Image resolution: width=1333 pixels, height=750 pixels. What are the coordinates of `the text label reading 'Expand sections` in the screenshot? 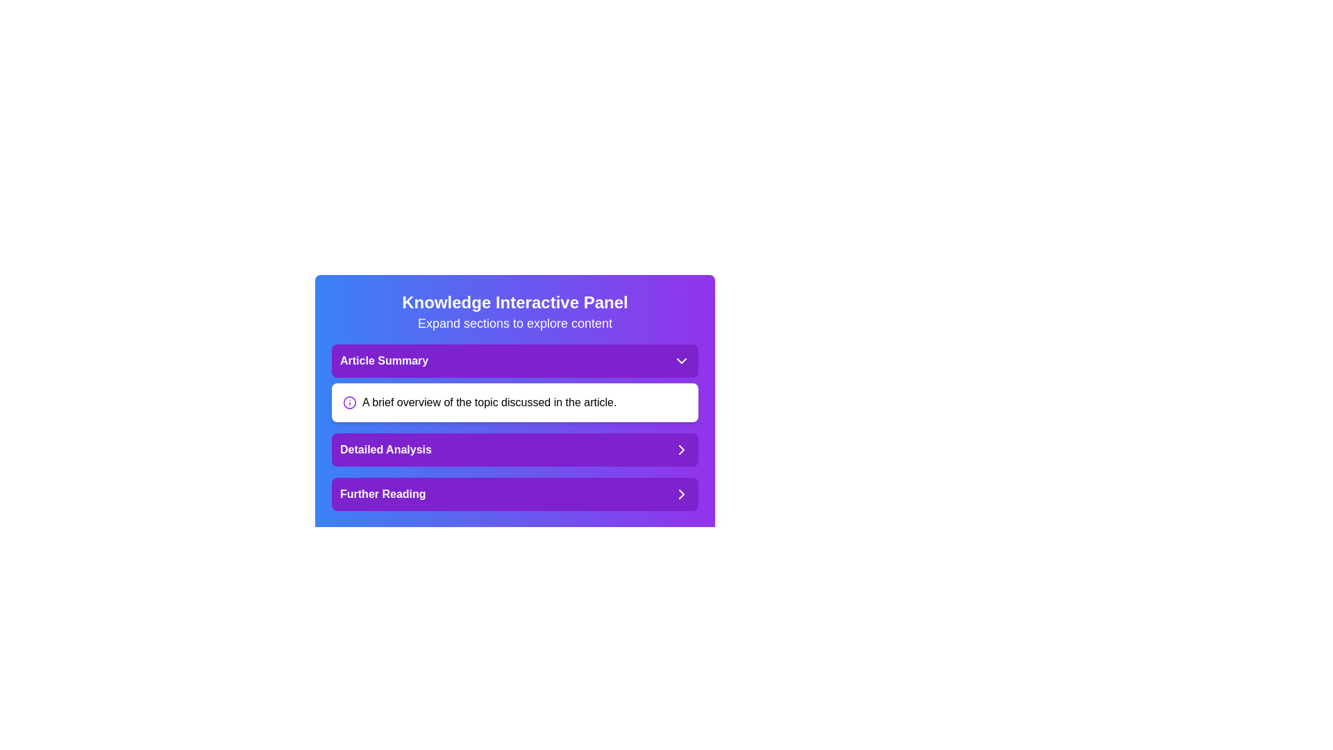 It's located at (514, 324).